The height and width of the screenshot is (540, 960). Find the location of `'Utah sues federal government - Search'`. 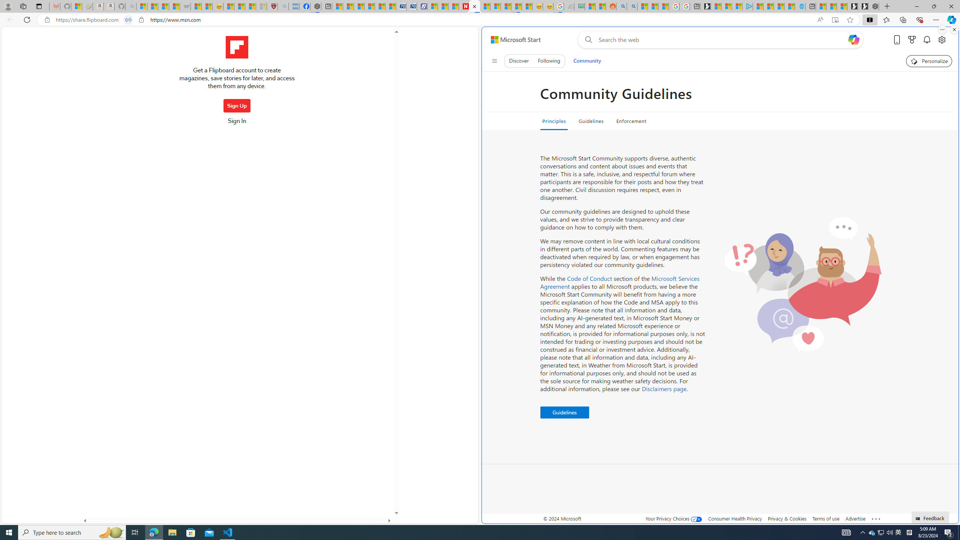

'Utah sues federal government - Search' is located at coordinates (631, 6).